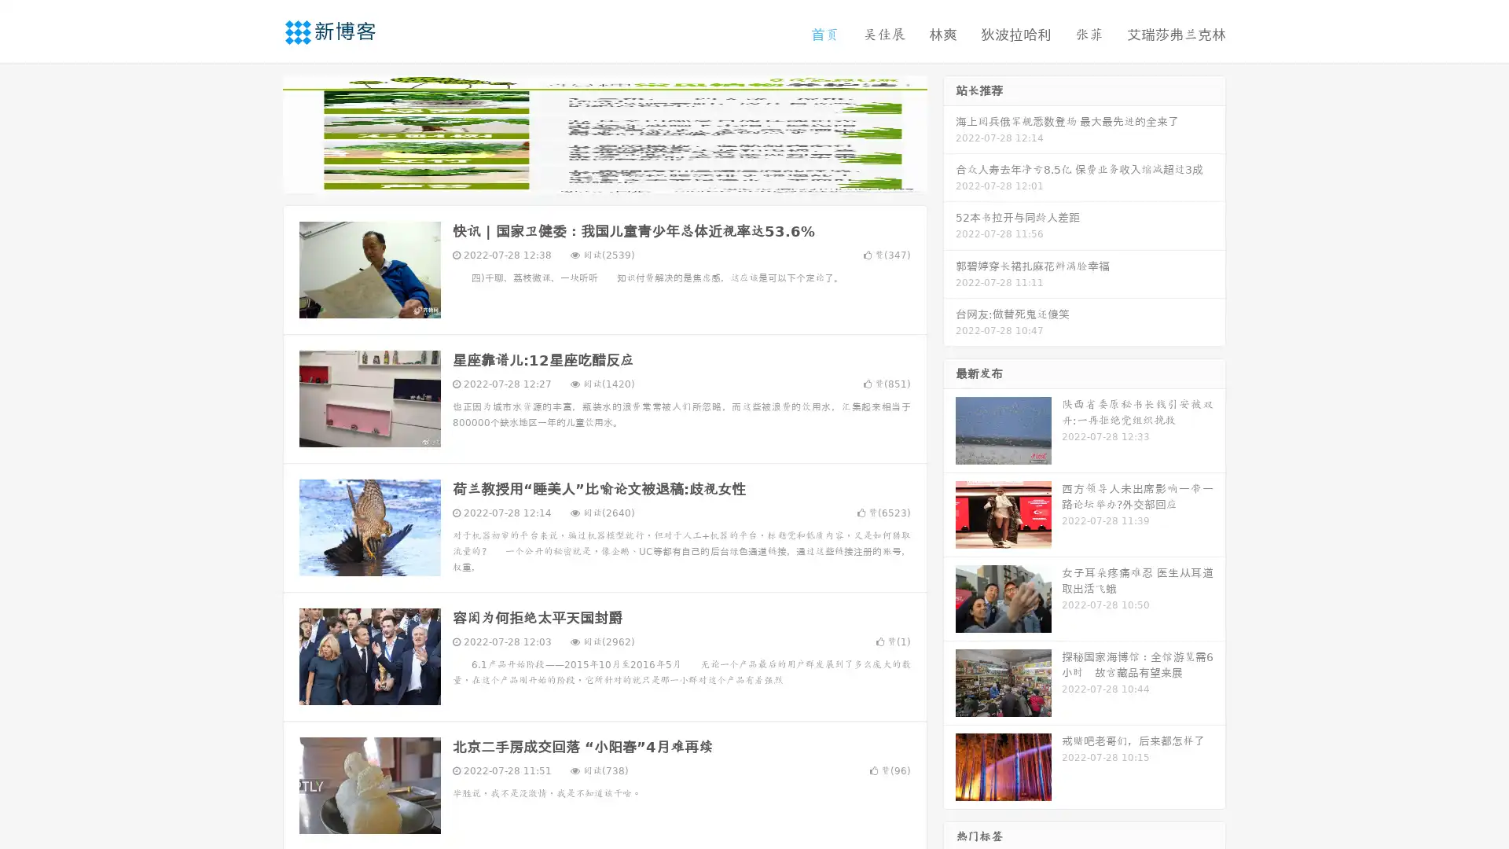  What do you see at coordinates (259, 132) in the screenshot?
I see `Previous slide` at bounding box center [259, 132].